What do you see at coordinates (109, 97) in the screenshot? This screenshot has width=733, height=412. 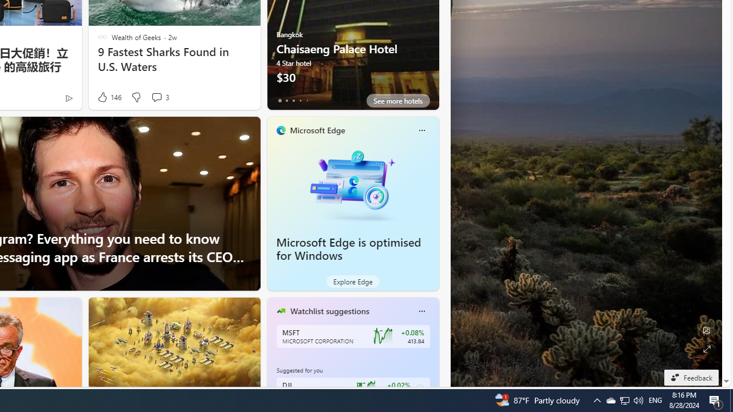 I see `'146 Like'` at bounding box center [109, 97].